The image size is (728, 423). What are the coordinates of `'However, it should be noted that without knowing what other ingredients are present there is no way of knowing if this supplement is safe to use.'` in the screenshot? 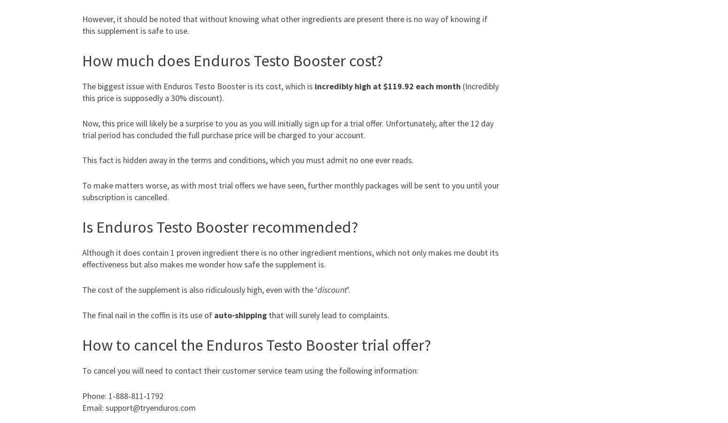 It's located at (81, 24).